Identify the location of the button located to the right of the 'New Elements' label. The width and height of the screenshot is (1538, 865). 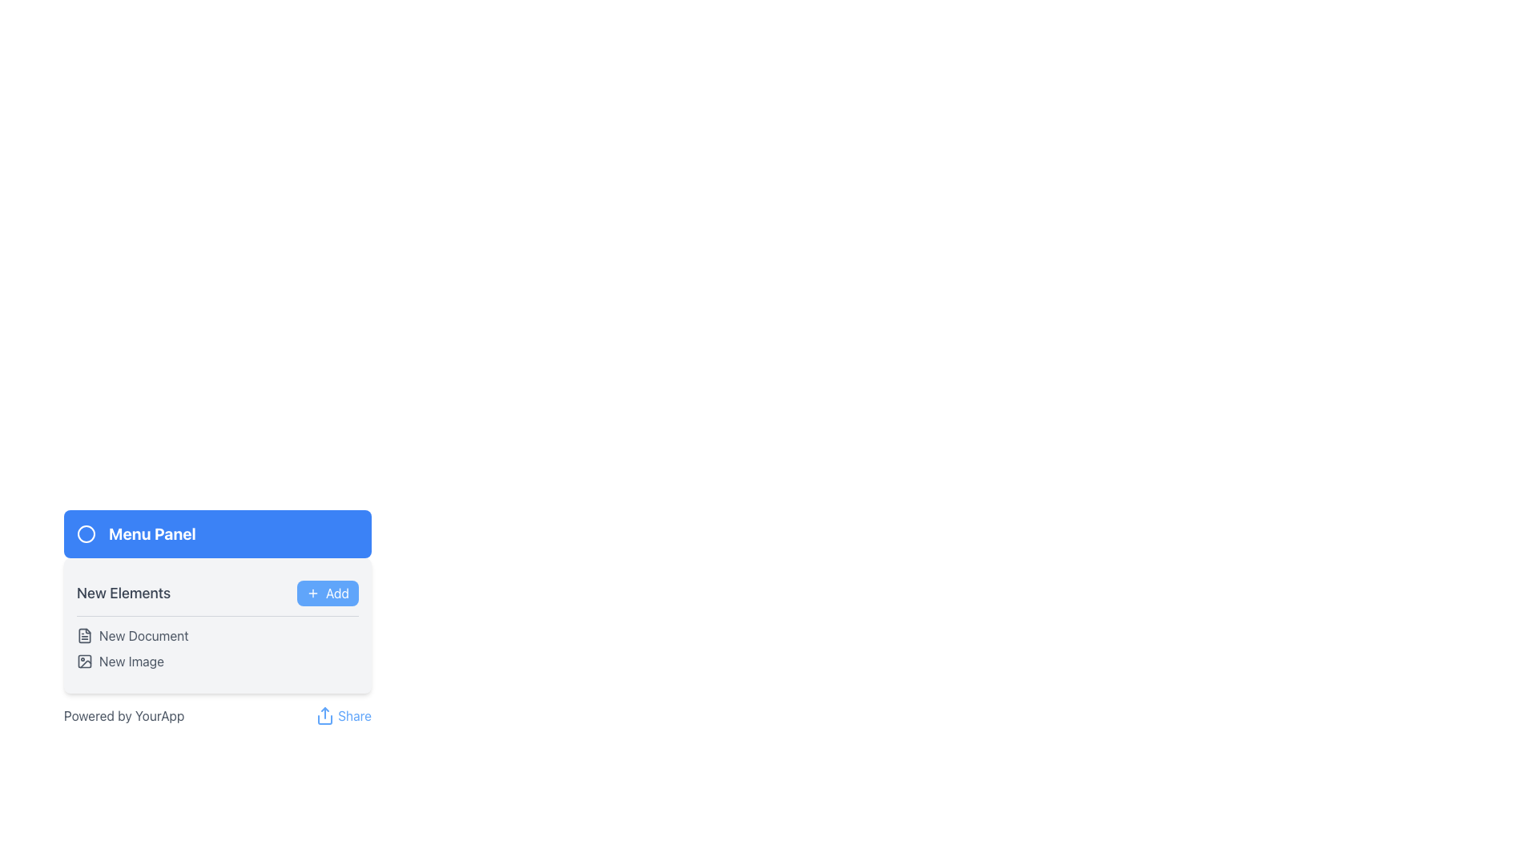
(327, 593).